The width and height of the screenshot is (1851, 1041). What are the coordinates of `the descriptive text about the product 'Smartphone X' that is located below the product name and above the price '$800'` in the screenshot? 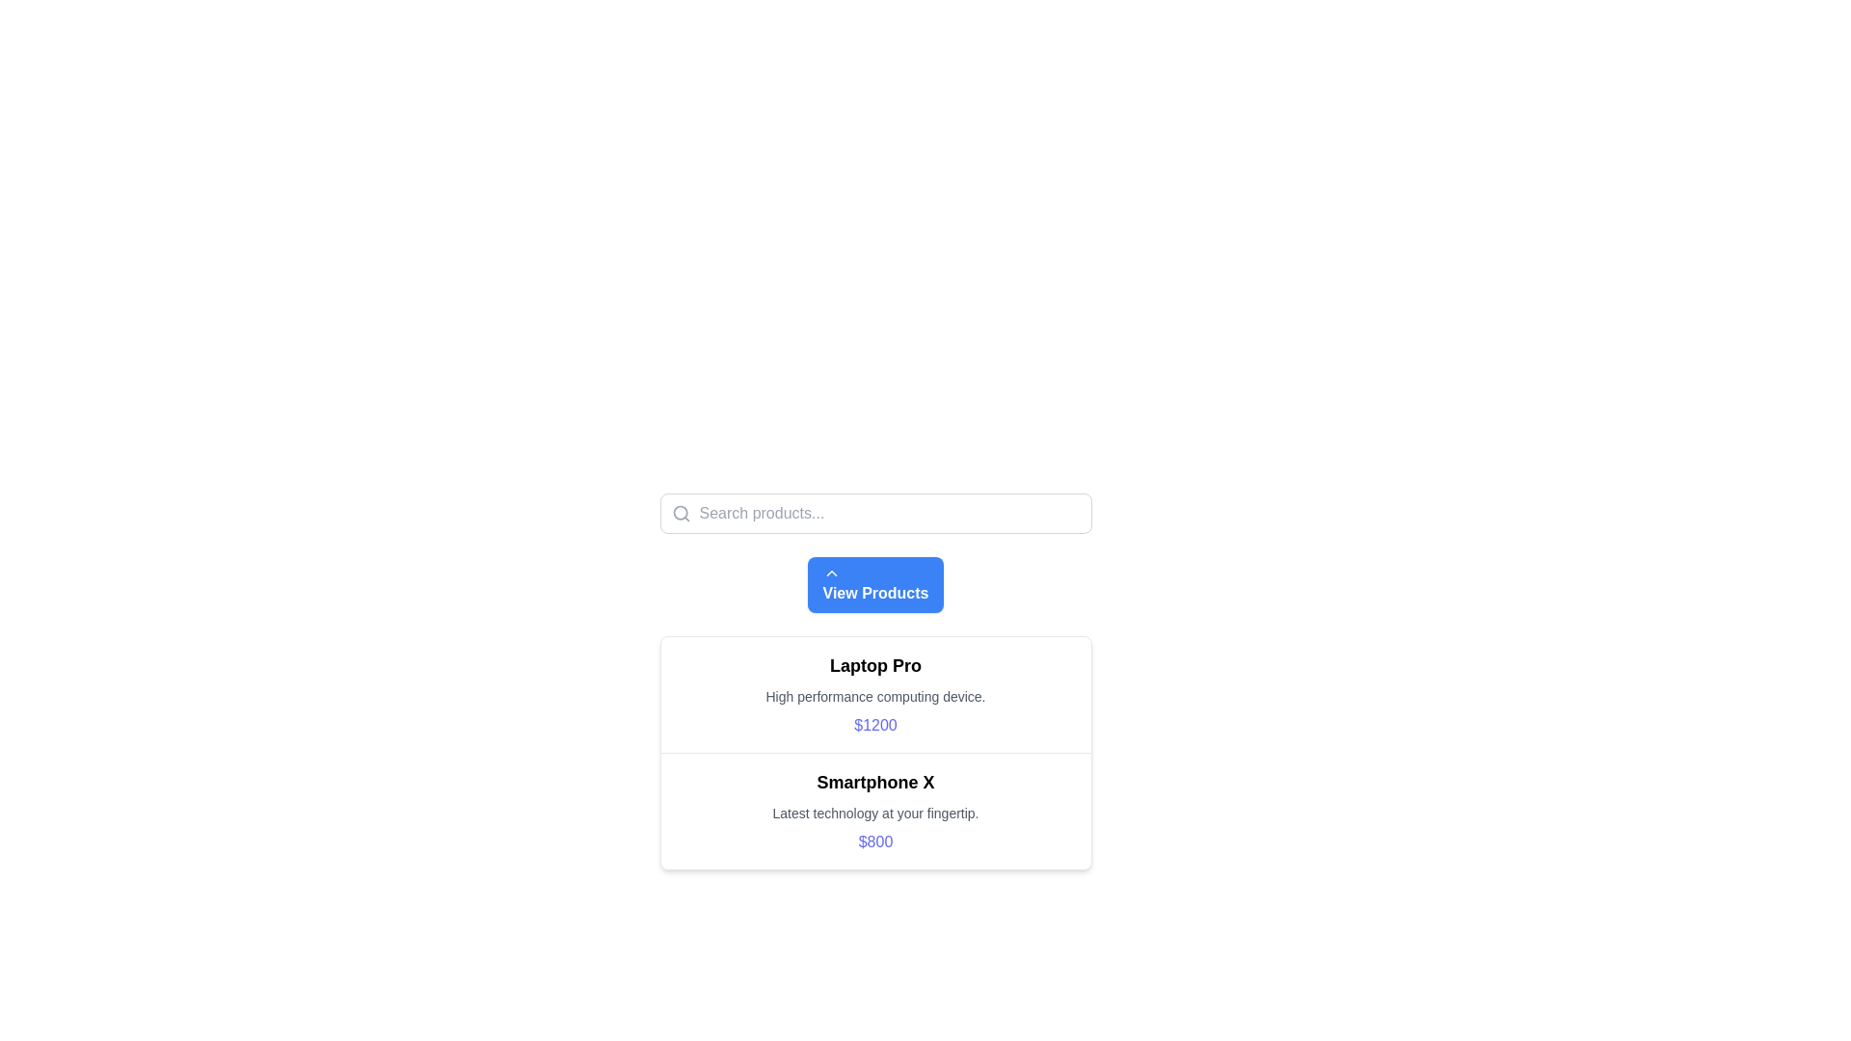 It's located at (874, 814).